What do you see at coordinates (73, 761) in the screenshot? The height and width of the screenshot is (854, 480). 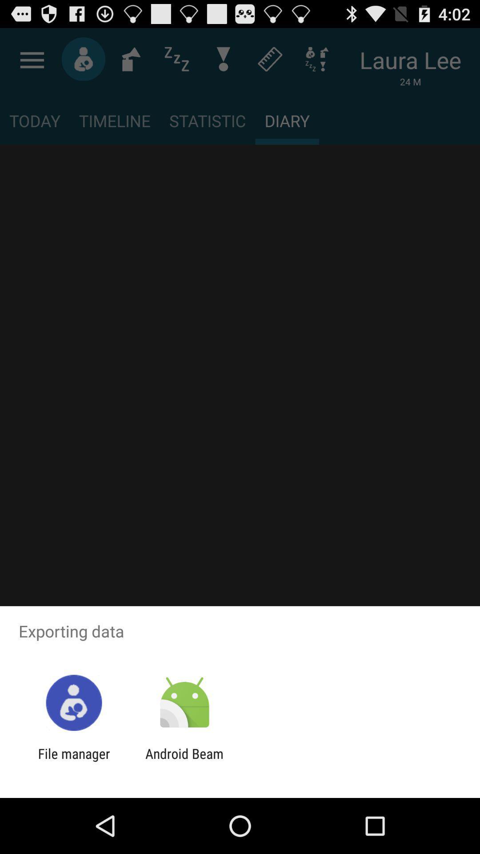 I see `the item next to android beam icon` at bounding box center [73, 761].